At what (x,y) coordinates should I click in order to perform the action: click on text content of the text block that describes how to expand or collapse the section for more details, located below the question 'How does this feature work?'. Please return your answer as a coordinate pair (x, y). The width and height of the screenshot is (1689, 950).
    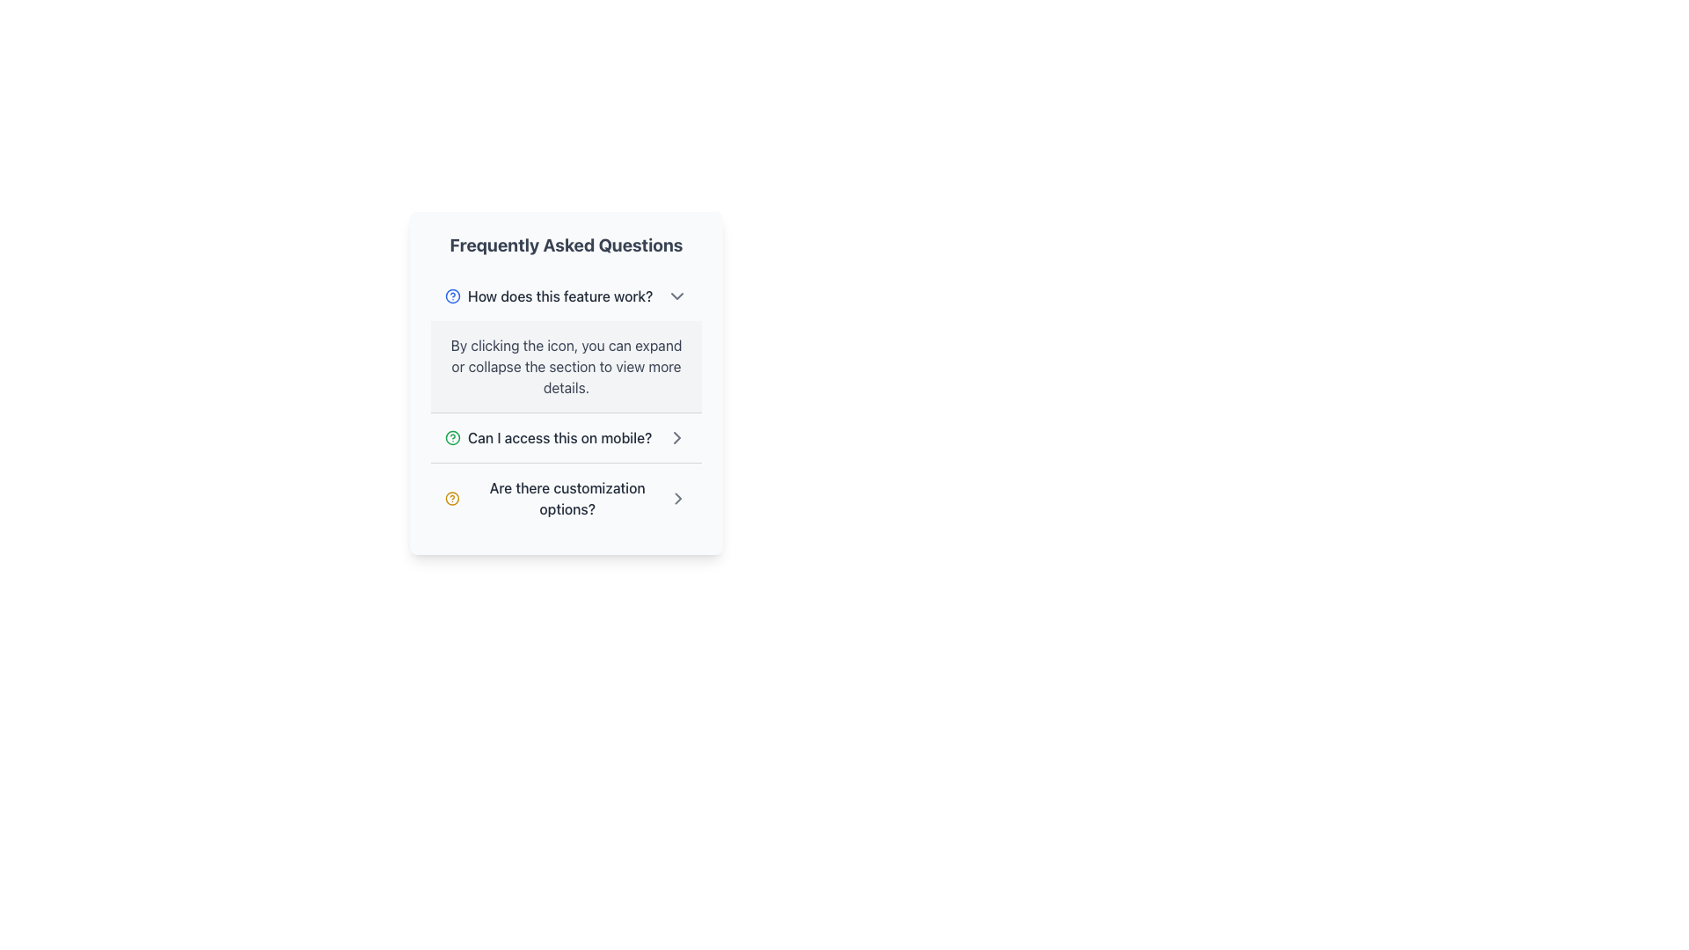
    Looking at the image, I should click on (566, 365).